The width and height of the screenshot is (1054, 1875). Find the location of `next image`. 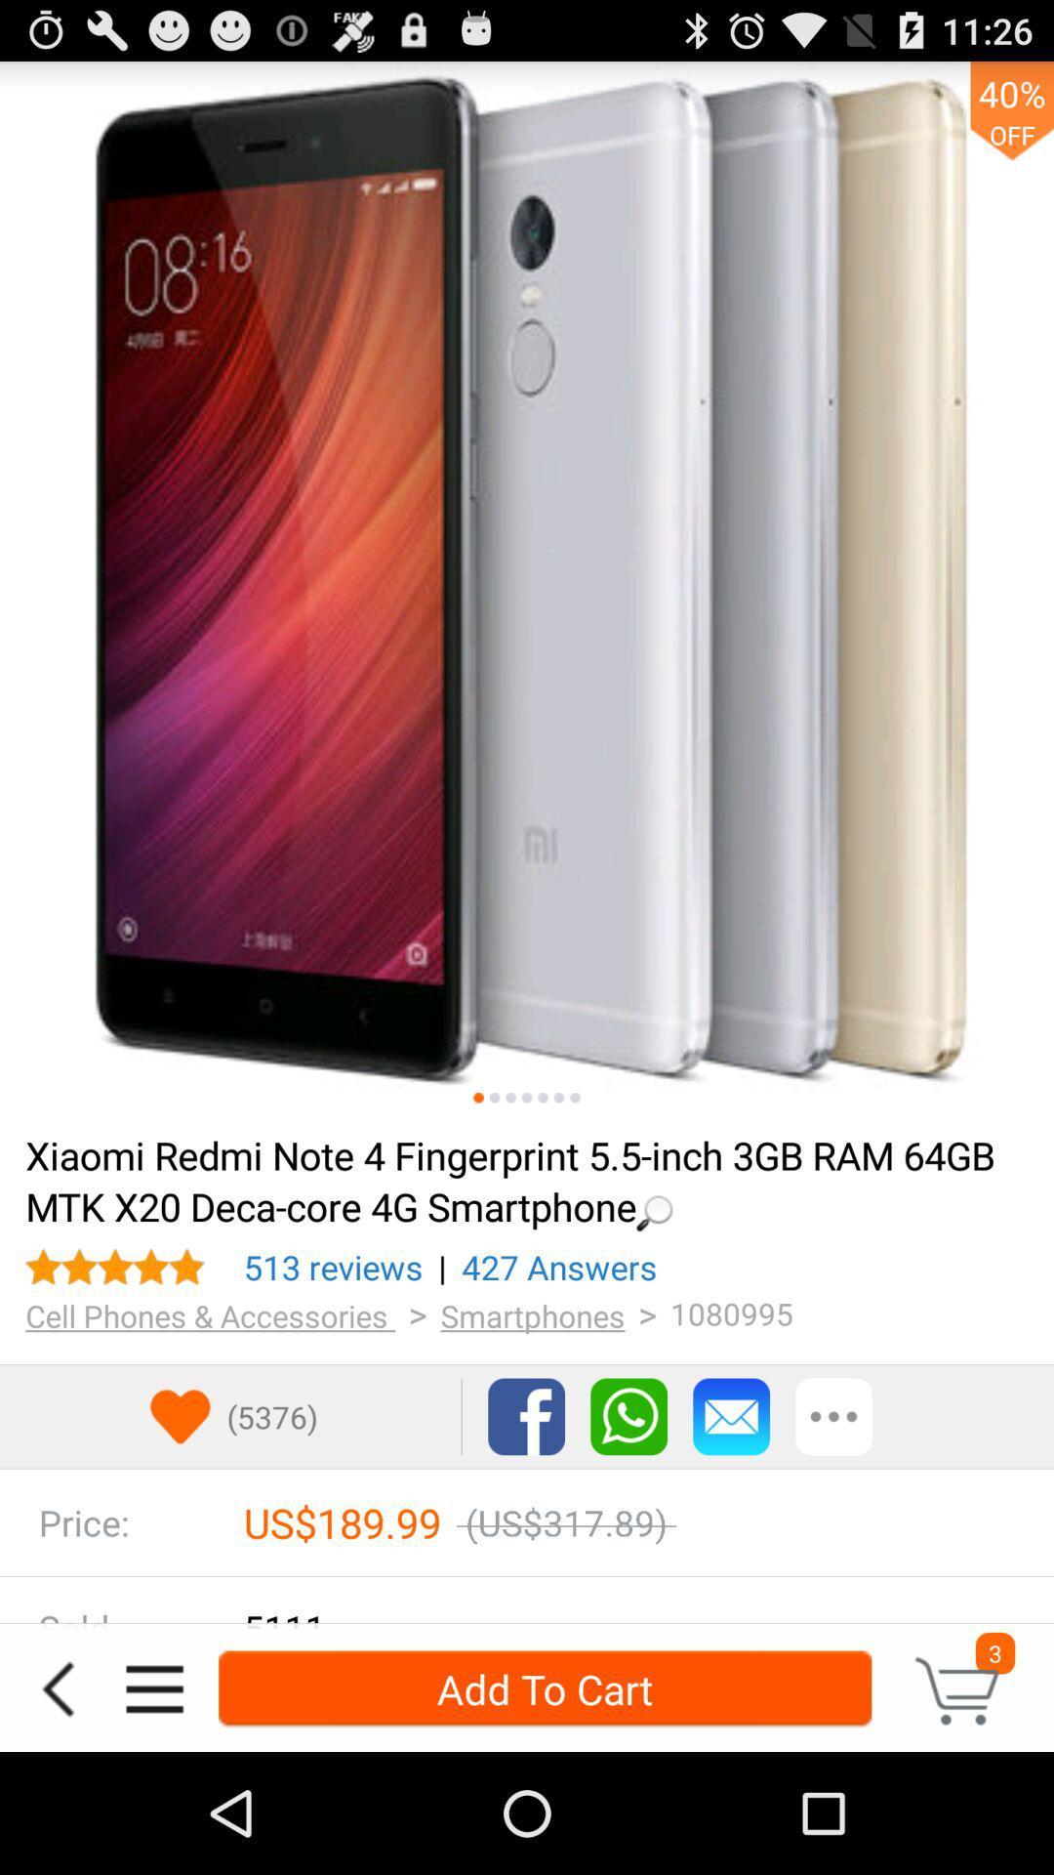

next image is located at coordinates (509, 1098).